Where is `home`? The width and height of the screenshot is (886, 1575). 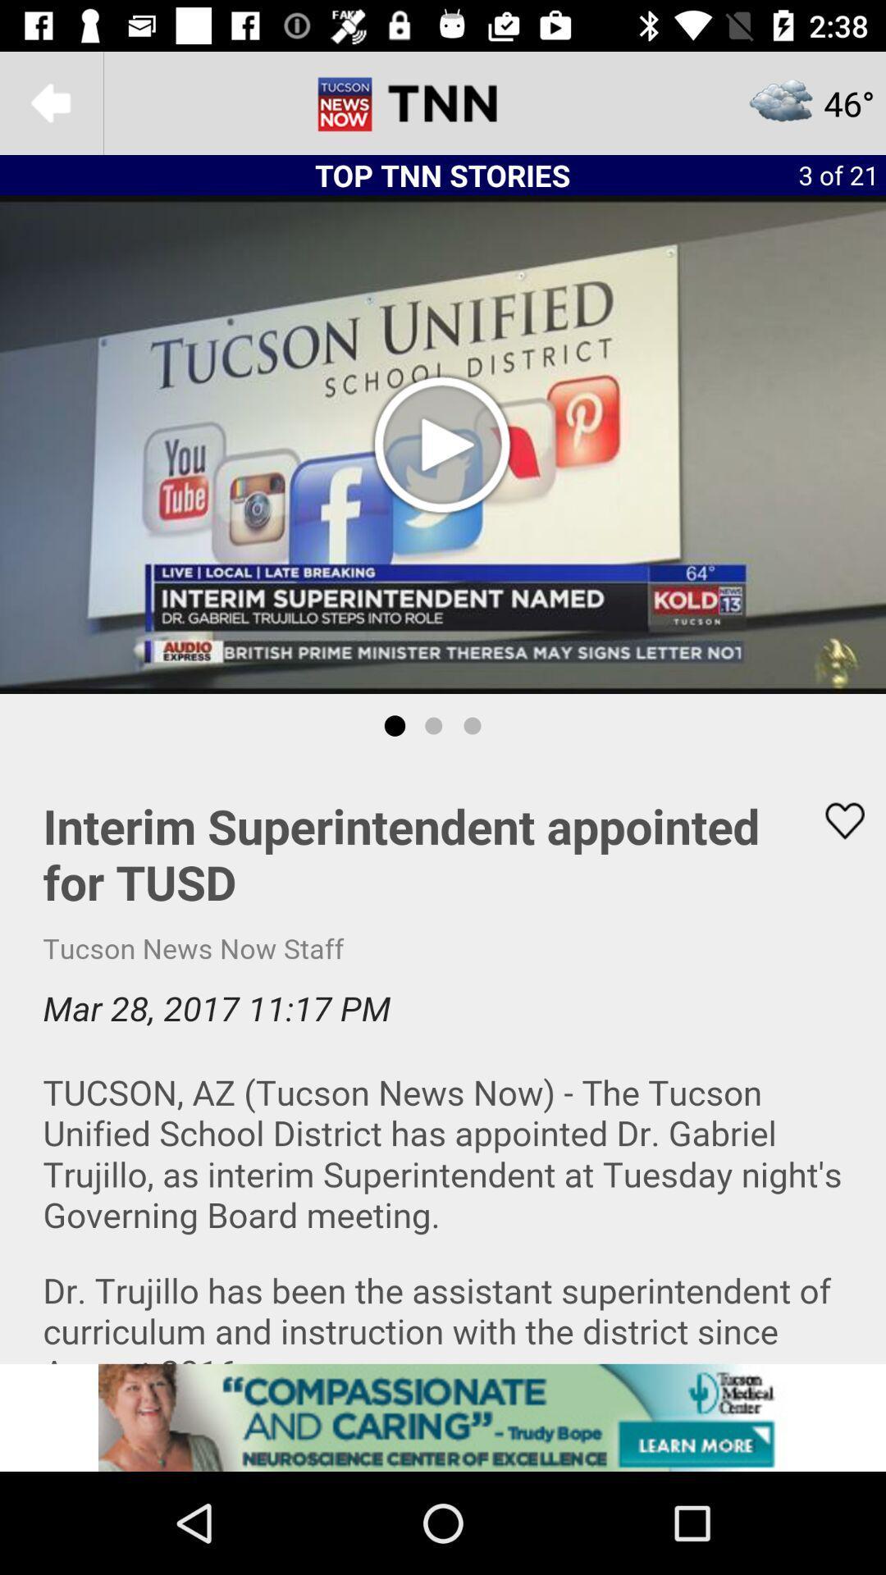
home is located at coordinates (443, 102).